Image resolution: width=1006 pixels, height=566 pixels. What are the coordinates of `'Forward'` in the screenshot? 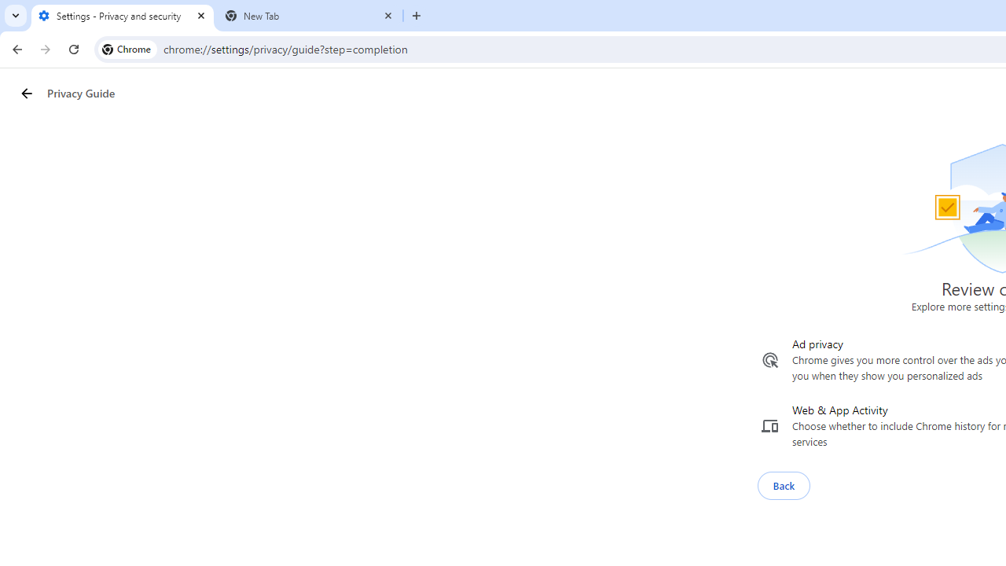 It's located at (46, 48).